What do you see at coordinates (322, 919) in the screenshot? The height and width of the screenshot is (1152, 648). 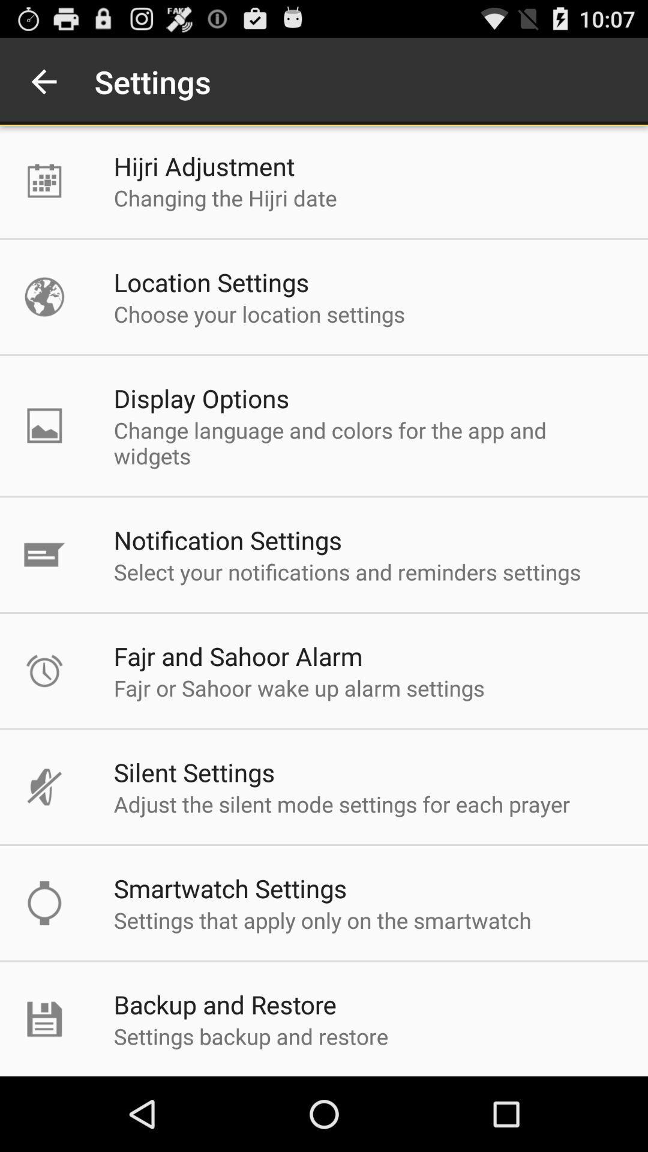 I see `the item above the backup and restore item` at bounding box center [322, 919].